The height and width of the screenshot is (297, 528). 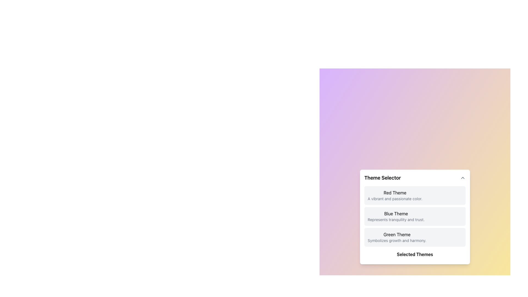 What do you see at coordinates (415, 195) in the screenshot?
I see `the first list item labeled 'Red Theme' with a bold title and a description in a light gray rectangular background within the 'Theme Selector' group` at bounding box center [415, 195].